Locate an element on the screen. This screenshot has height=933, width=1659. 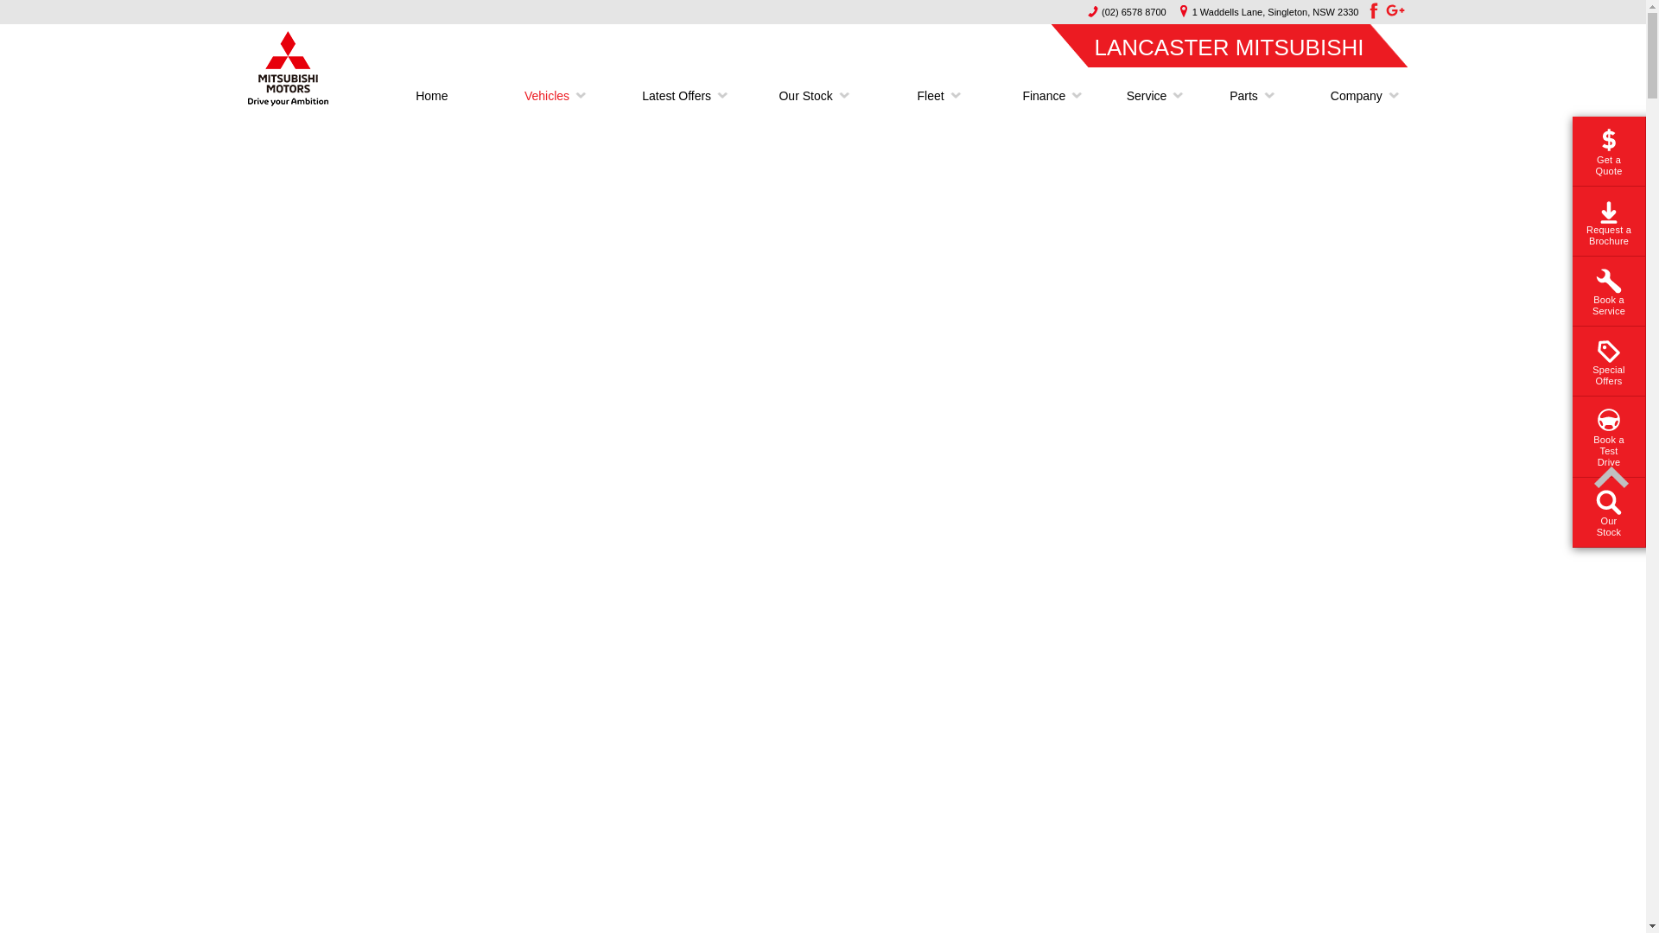
'Service' is located at coordinates (1147, 96).